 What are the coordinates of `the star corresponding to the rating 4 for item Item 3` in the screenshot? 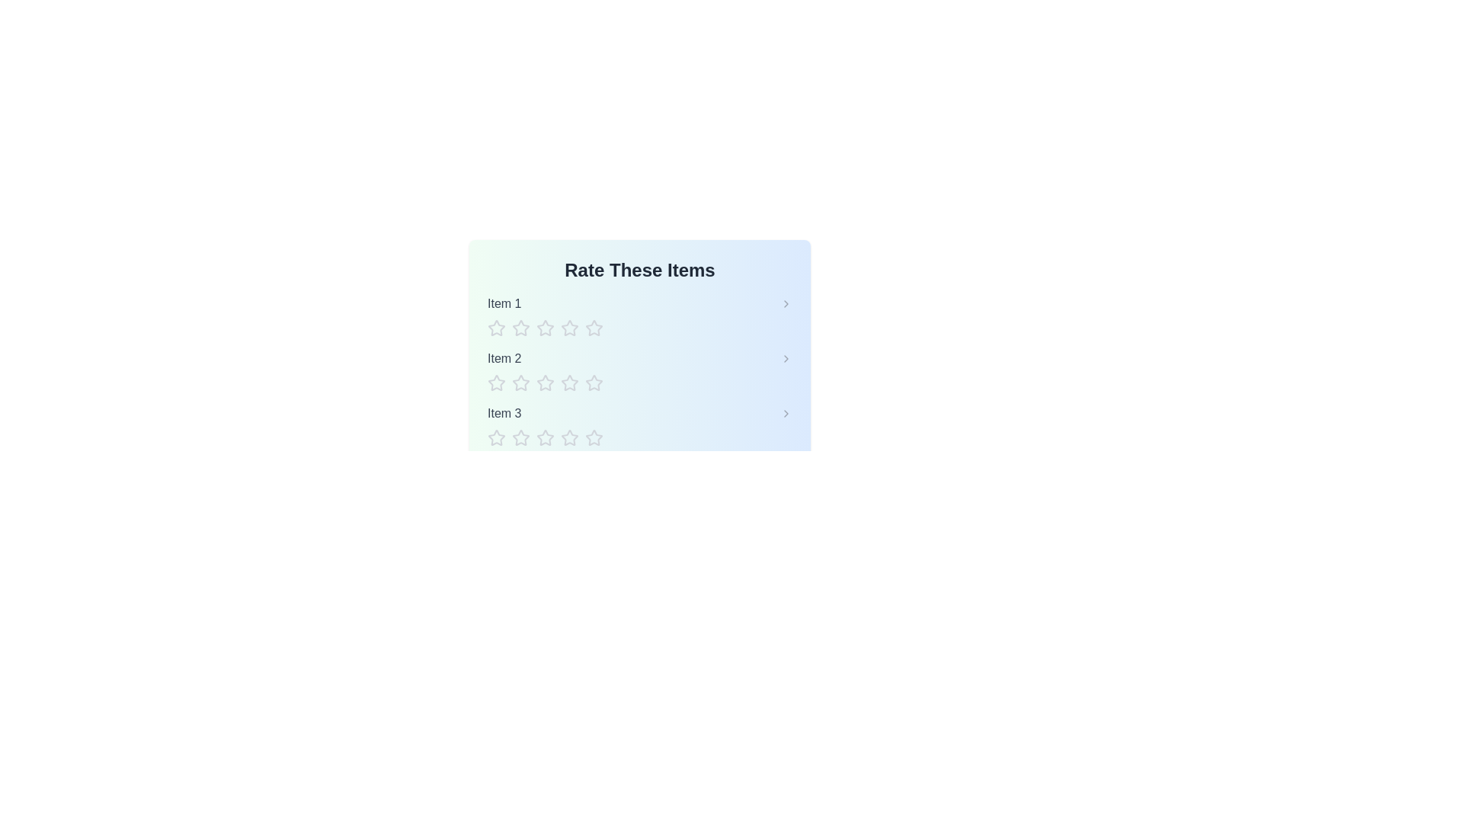 It's located at (569, 437).